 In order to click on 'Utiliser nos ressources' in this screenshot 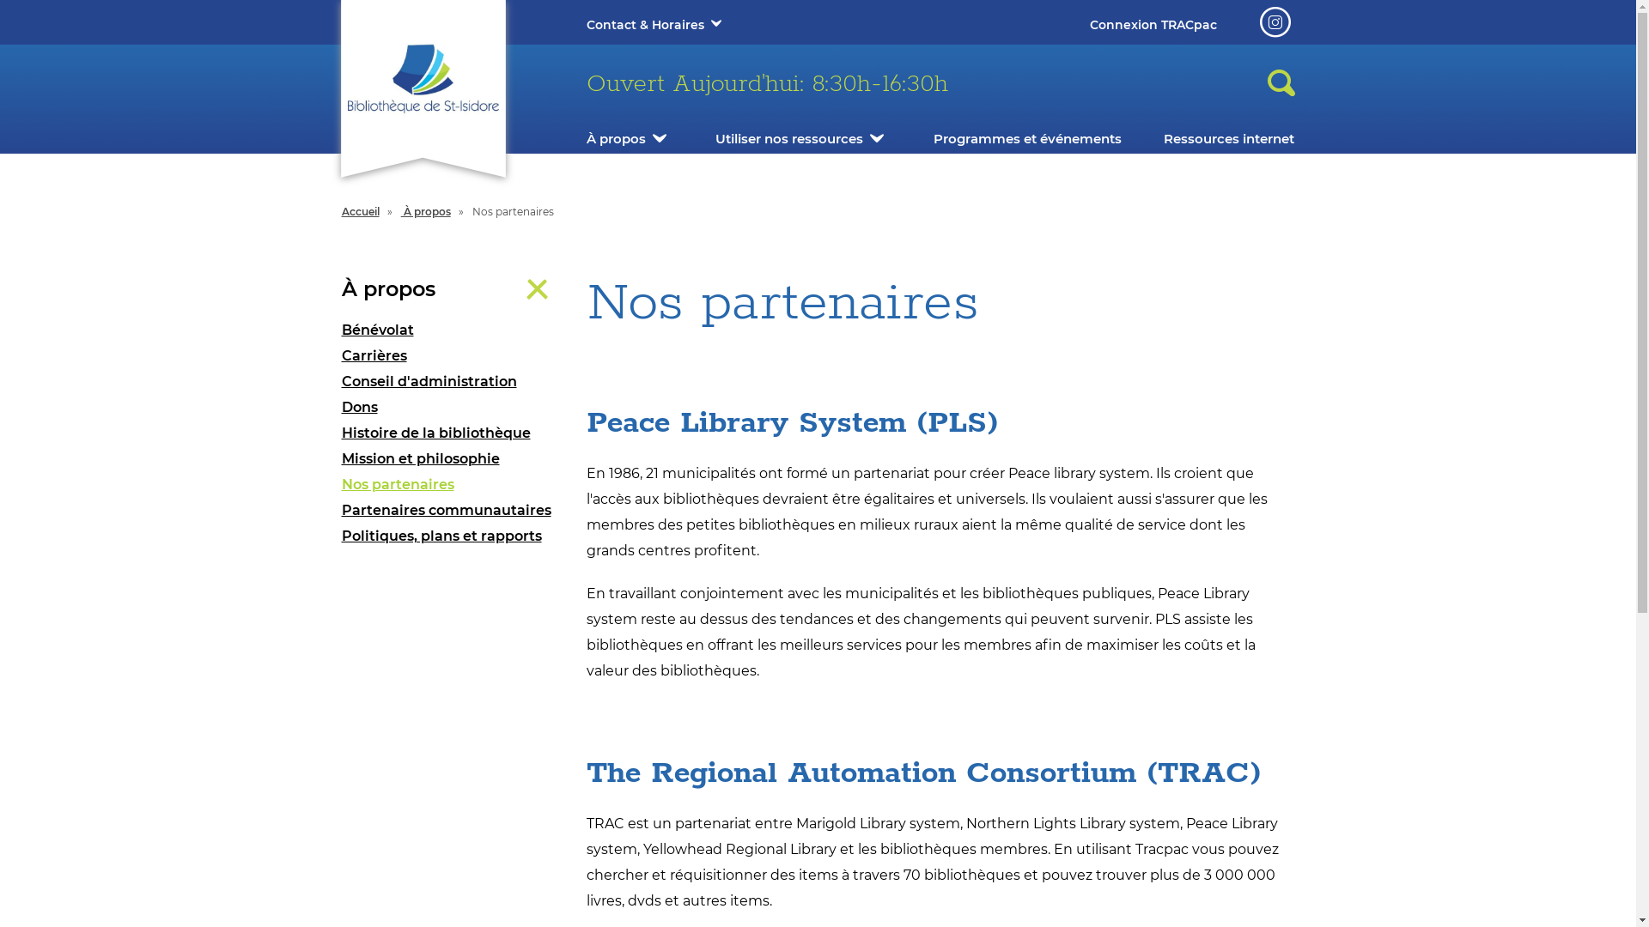, I will do `click(788, 137)`.